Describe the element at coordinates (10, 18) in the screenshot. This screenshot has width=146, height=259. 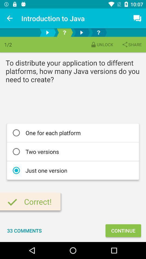
I see `item to the left of introduction to java icon` at that location.